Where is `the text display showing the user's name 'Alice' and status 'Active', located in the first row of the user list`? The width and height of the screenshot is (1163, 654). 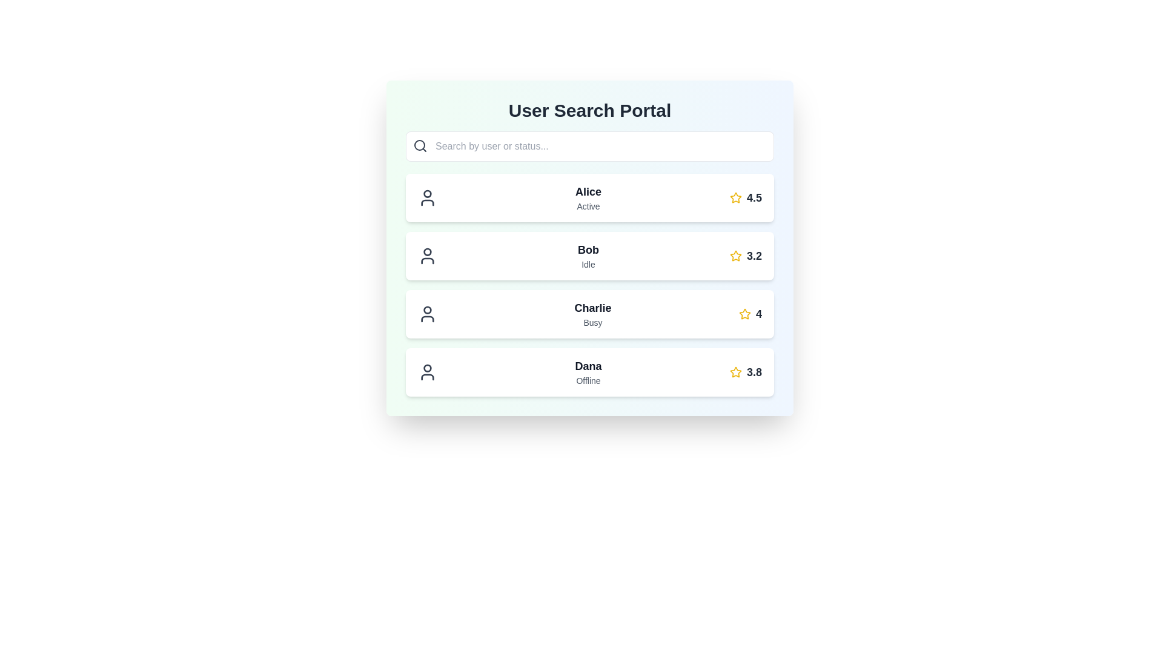
the text display showing the user's name 'Alice' and status 'Active', located in the first row of the user list is located at coordinates (588, 197).